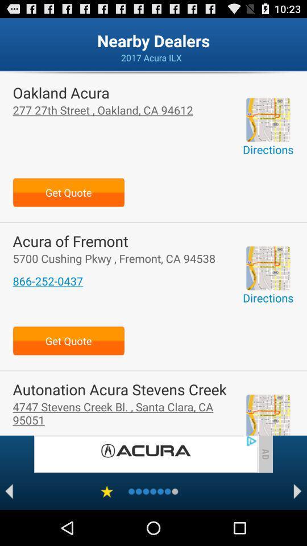 The height and width of the screenshot is (546, 307). What do you see at coordinates (268, 414) in the screenshot?
I see `the location` at bounding box center [268, 414].